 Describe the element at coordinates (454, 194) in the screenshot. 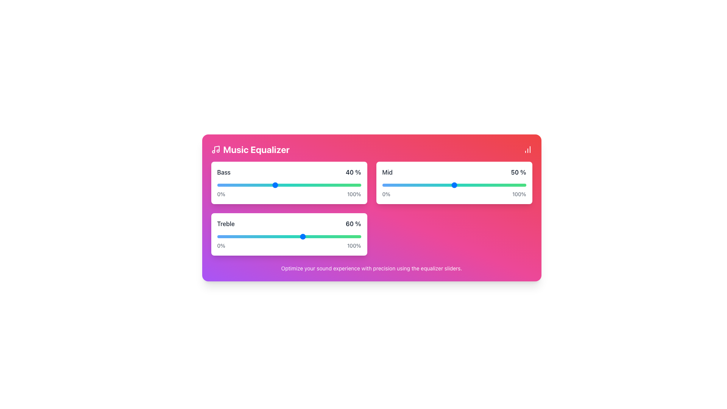

I see `the descriptive text label displaying '0%' on the left and '100%' on the right, located at the bottom of the 'Mid' slider section` at that location.